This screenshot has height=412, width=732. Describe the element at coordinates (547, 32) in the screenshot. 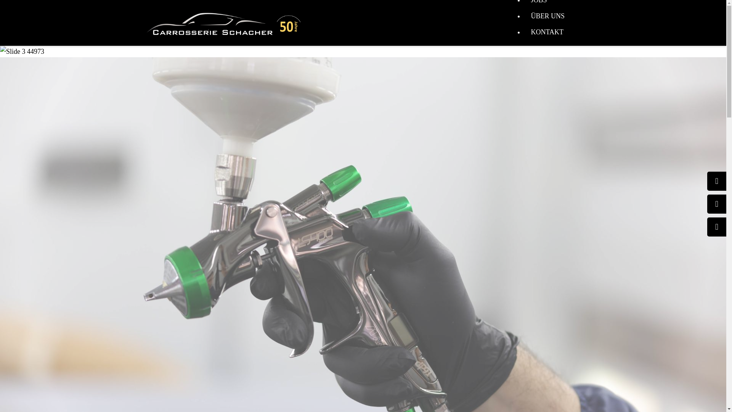

I see `'KONTAKT'` at that location.